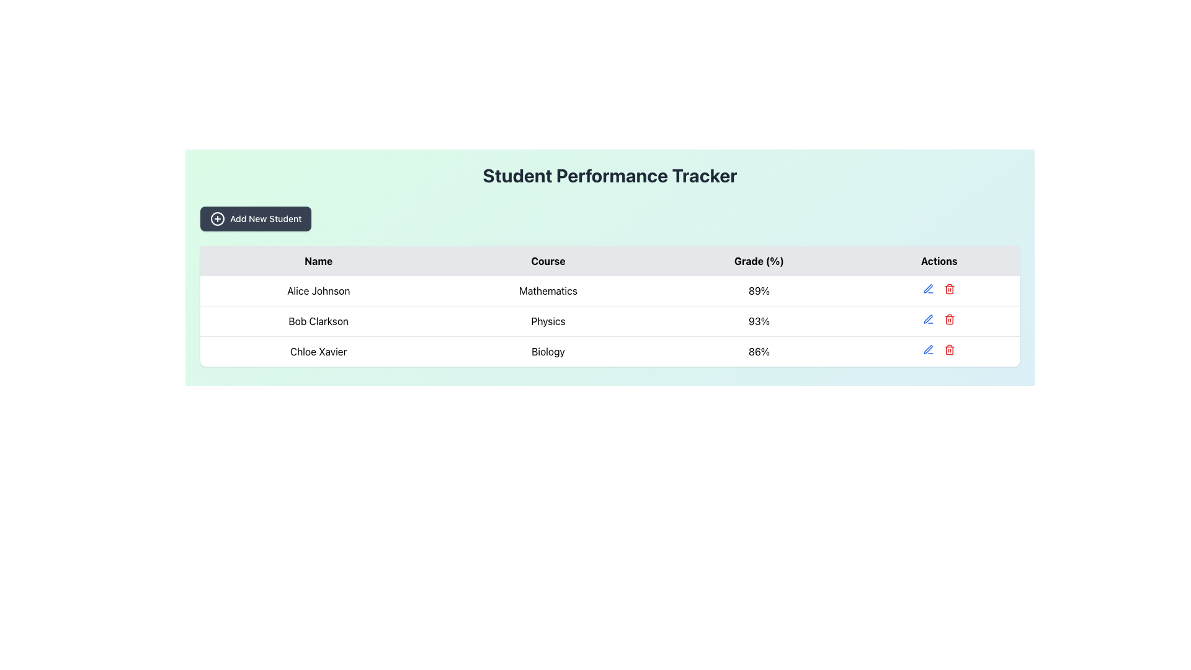 The image size is (1191, 670). What do you see at coordinates (928, 349) in the screenshot?
I see `the edit button (pen icon) located in the 'Actions' column of the third row of the table` at bounding box center [928, 349].